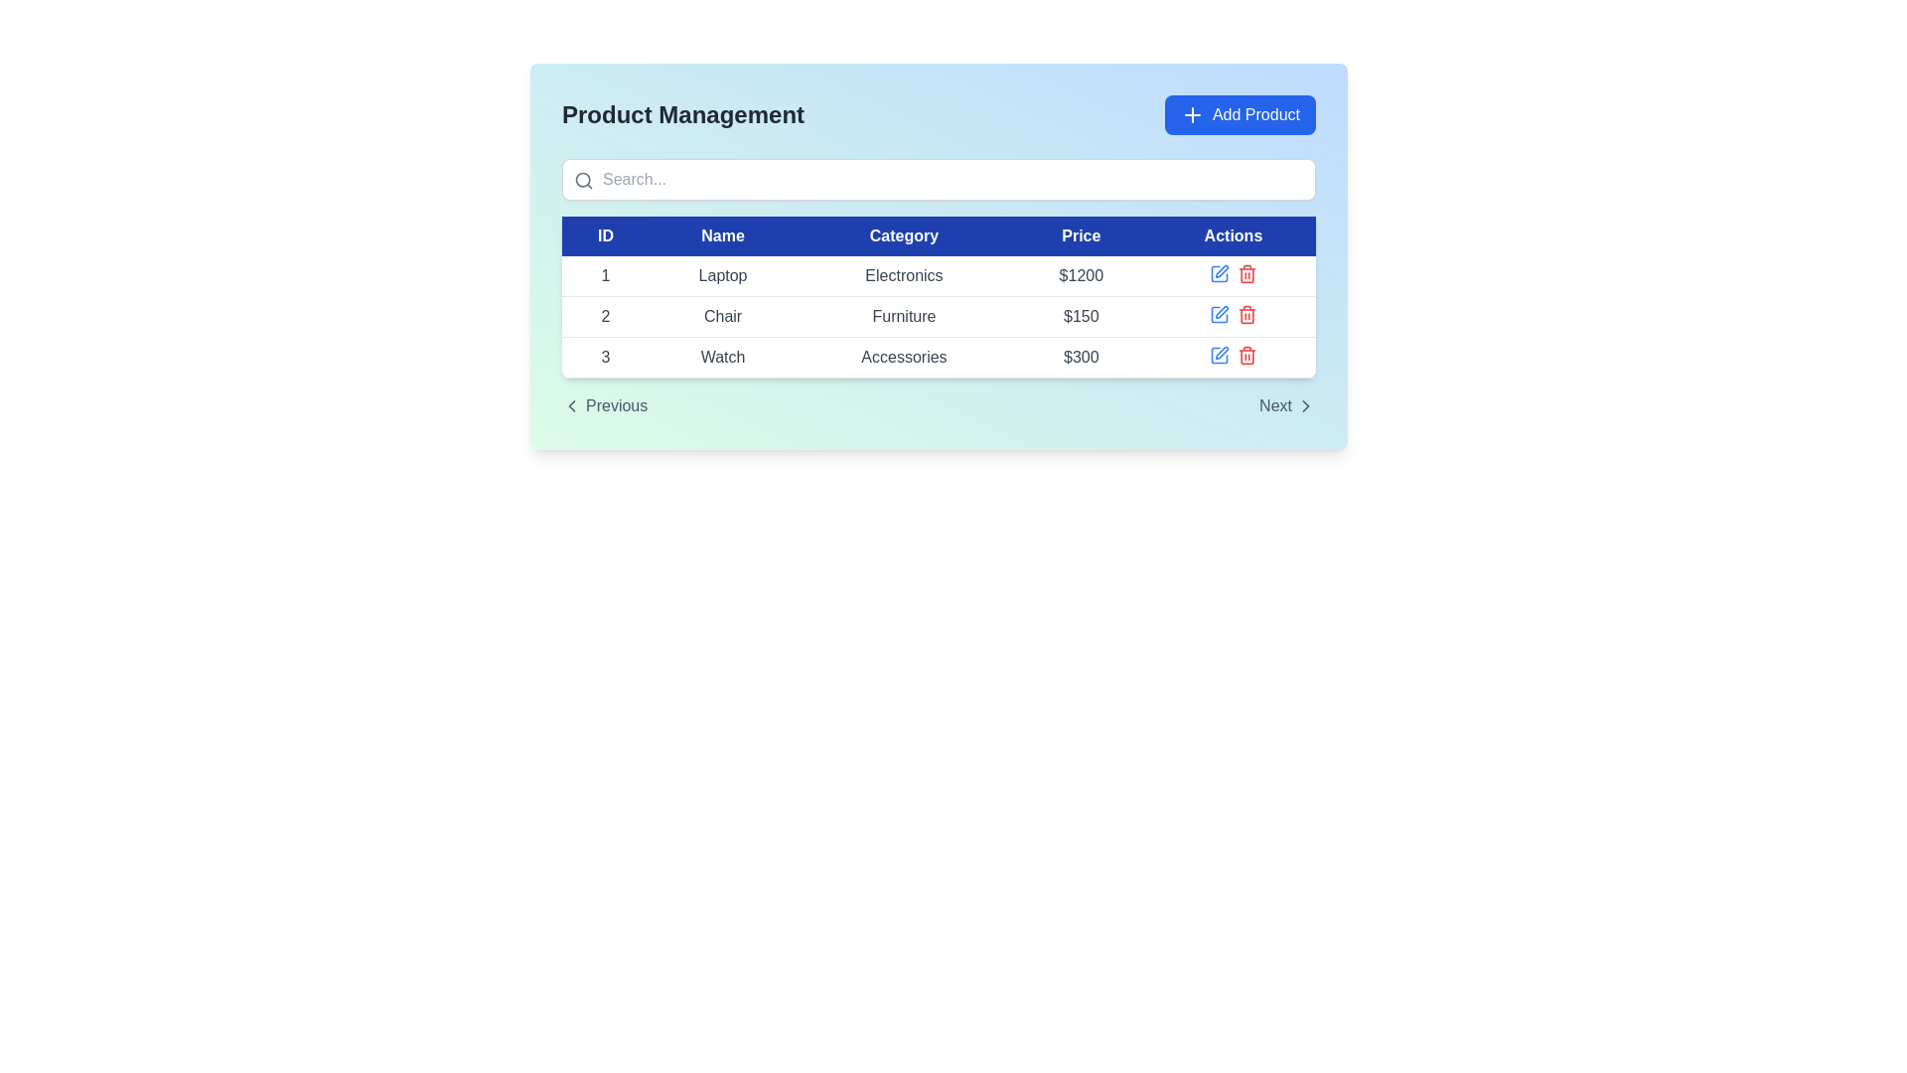  I want to click on the text label displaying 'Accessories' in the third cell of the third row under the 'Category' column, so click(903, 356).